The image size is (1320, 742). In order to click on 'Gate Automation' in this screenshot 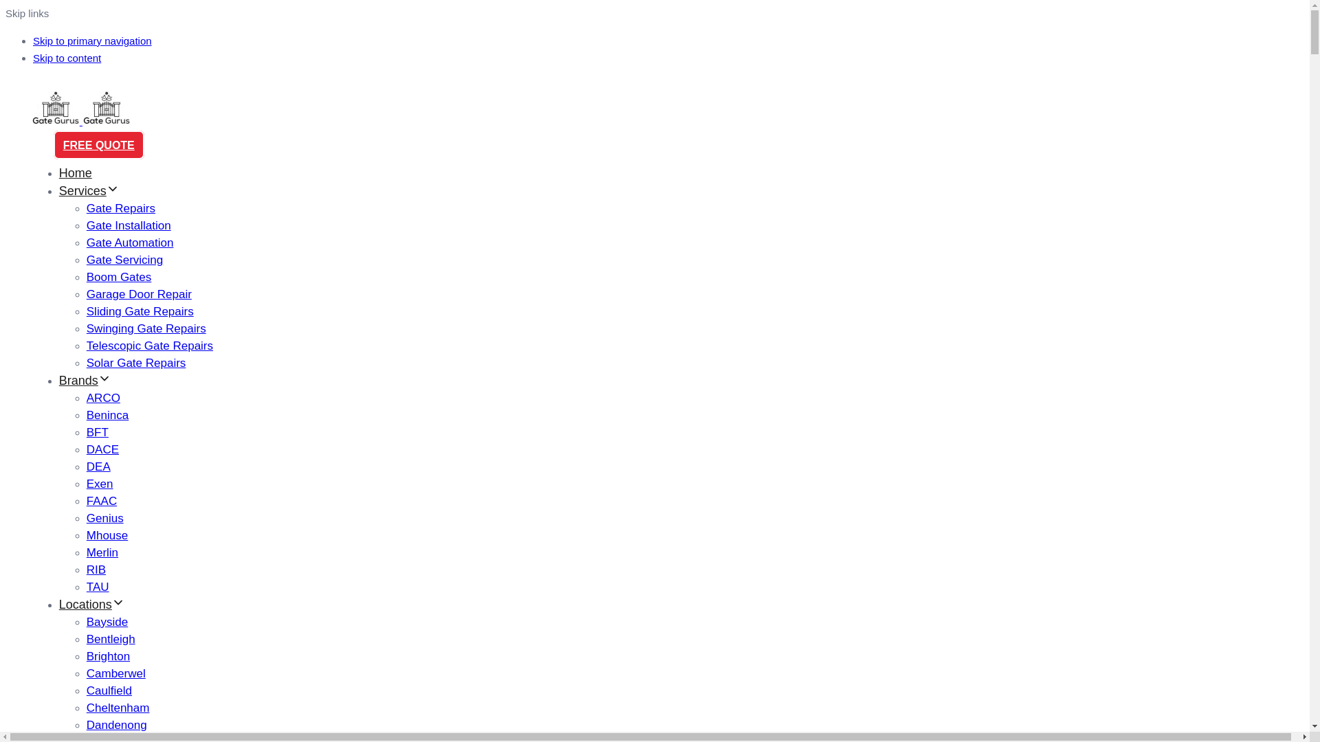, I will do `click(130, 242)`.